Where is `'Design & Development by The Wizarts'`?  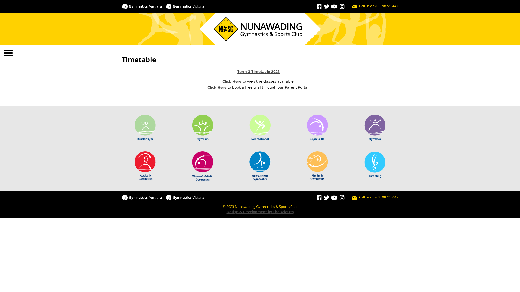
'Design & Development by The Wizarts' is located at coordinates (259, 211).